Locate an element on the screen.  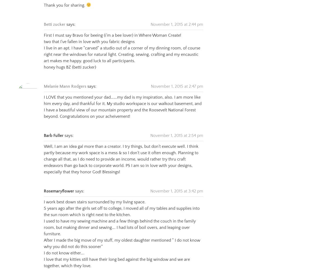
'Well, I am an idea gal more than a creator. I try things, but don’t execute well. I think partly because my work space is a mess & so I don’t use it often enough. Planning to change all that, as I do need to provide an income, would rather try thru craft endeavors than go back to corporate world. PS I am so in love with your designs, especially that they honor God! Blessings!' is located at coordinates (121, 152).